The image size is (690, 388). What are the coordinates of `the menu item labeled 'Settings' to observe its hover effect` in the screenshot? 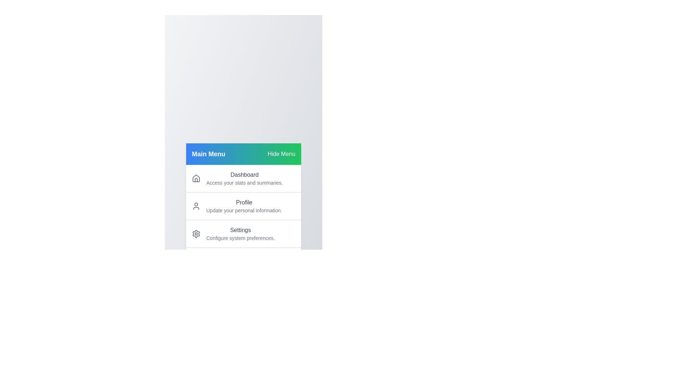 It's located at (243, 234).